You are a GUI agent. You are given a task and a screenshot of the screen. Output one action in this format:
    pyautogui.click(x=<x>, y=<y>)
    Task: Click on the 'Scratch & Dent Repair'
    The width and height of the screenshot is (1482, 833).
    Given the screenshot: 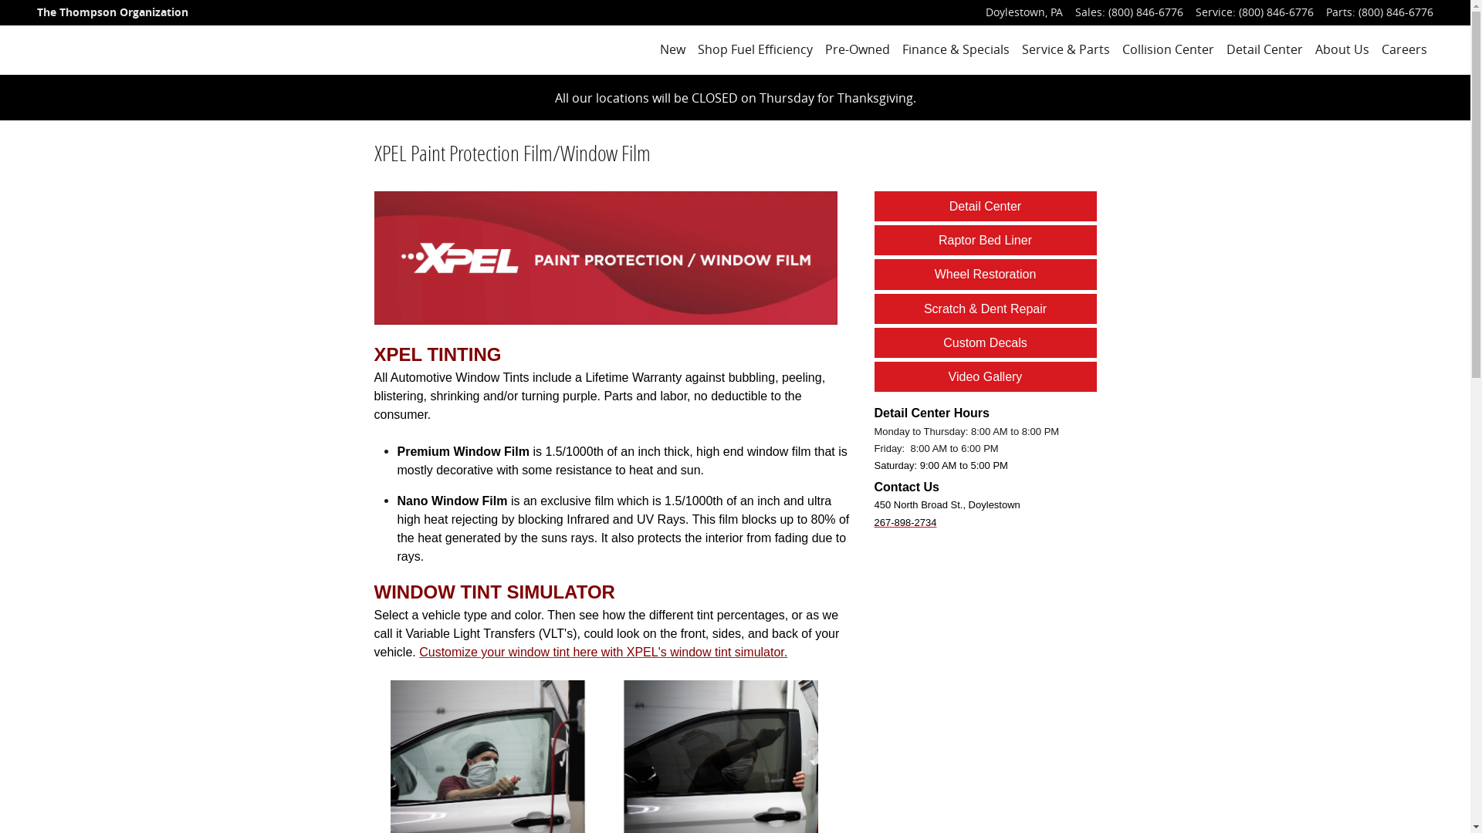 What is the action you would take?
    pyautogui.click(x=923, y=309)
    